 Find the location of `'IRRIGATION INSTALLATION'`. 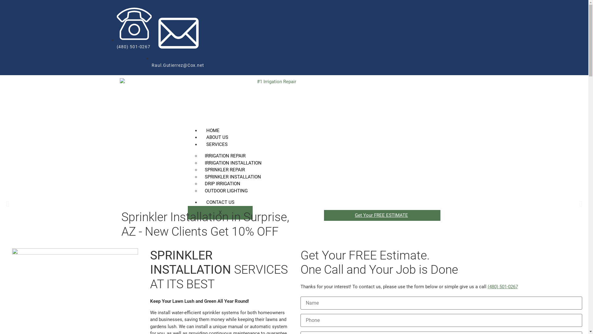

'IRRIGATION INSTALLATION' is located at coordinates (233, 163).